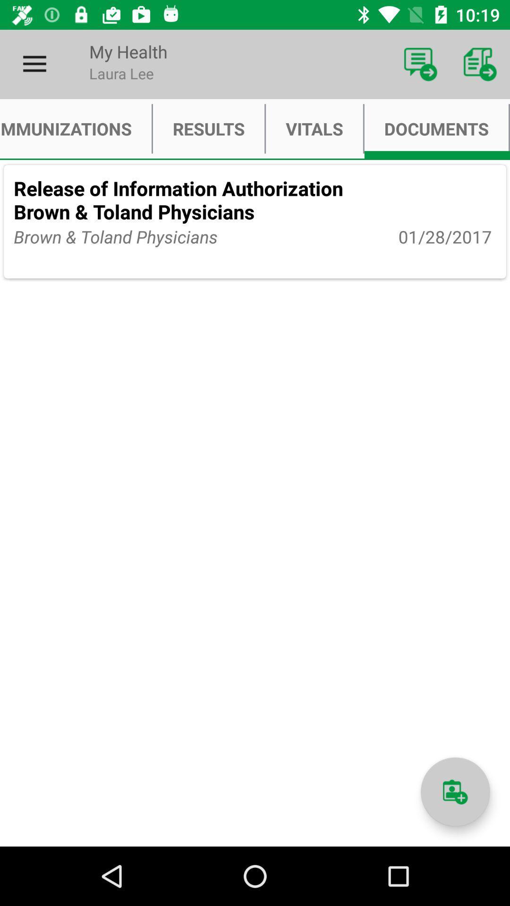 The width and height of the screenshot is (510, 906). I want to click on item above the documents icon, so click(420, 64).